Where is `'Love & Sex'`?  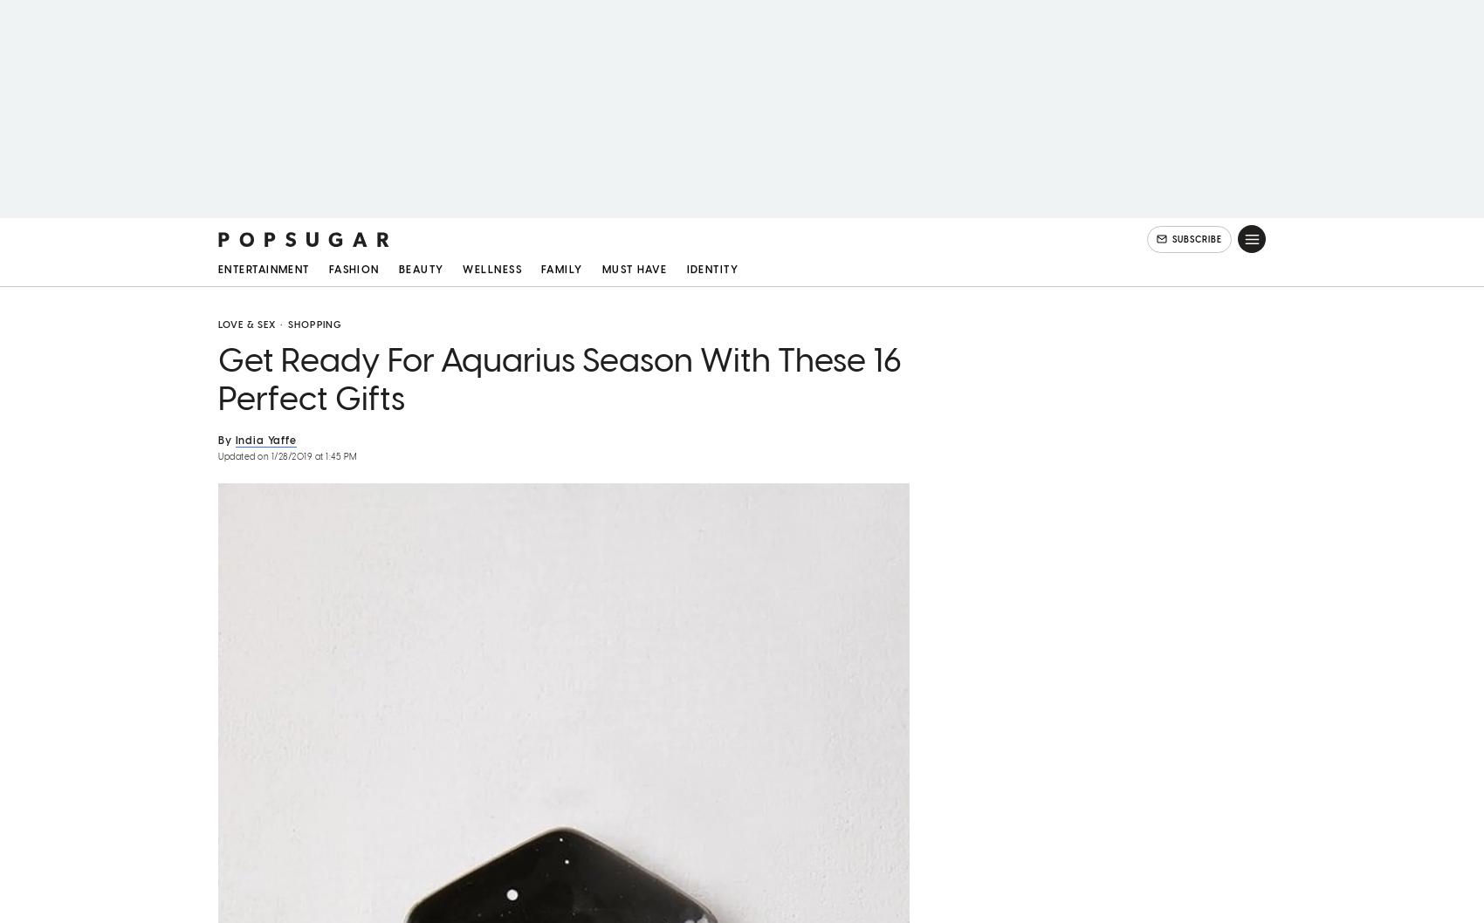 'Love & Sex' is located at coordinates (247, 330).